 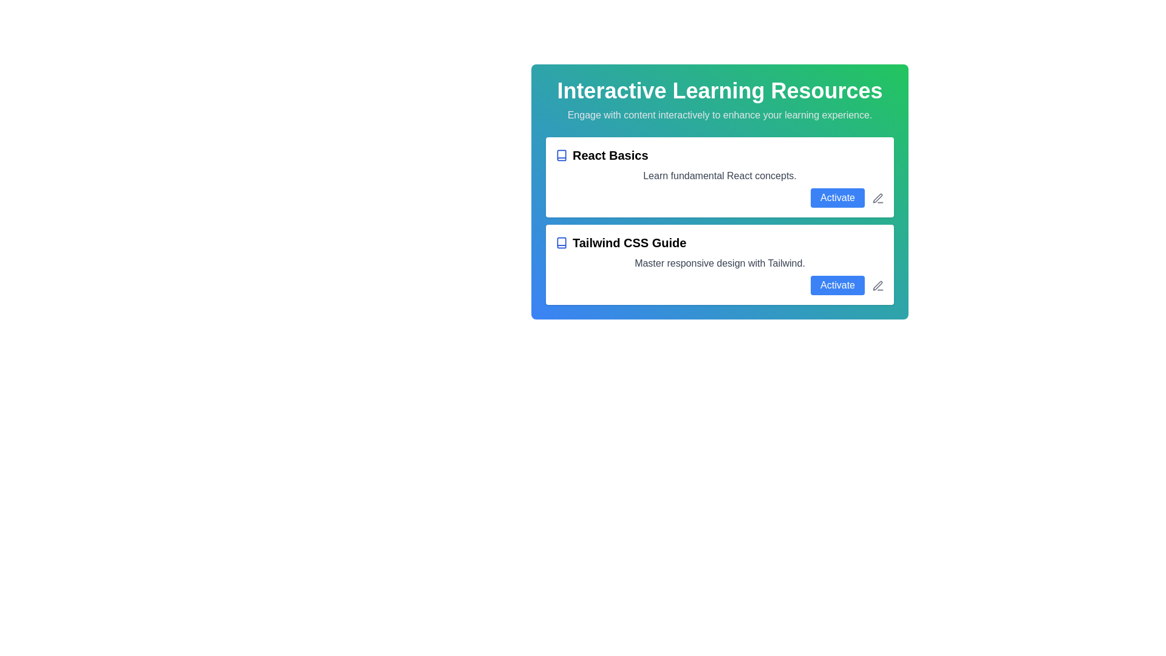 I want to click on the blue book icon located to the immediate left of the text 'React Basics' within the 'Interactive Learning Resources' section by clicking on it, so click(x=561, y=154).